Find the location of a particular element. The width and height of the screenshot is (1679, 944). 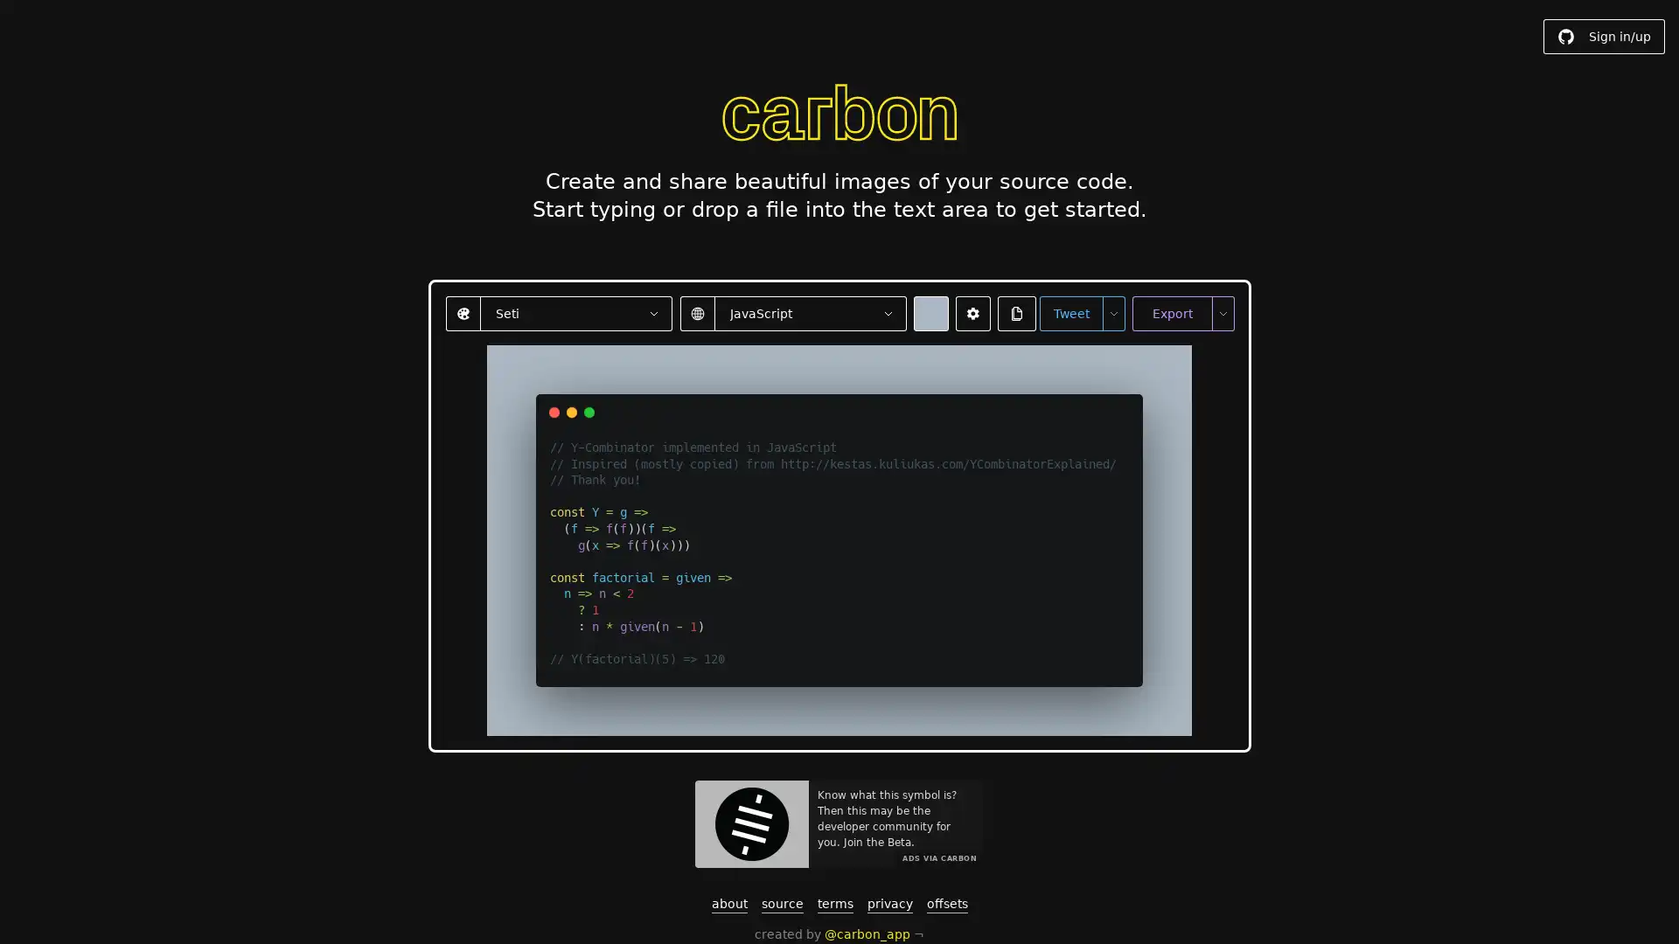

Export menu dropdown is located at coordinates (1221, 312).